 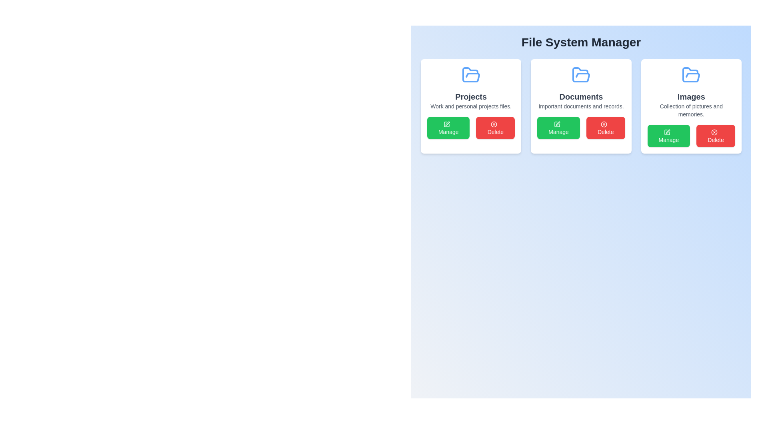 I want to click on the leftmost button in the 'Images' card, so click(x=668, y=135).